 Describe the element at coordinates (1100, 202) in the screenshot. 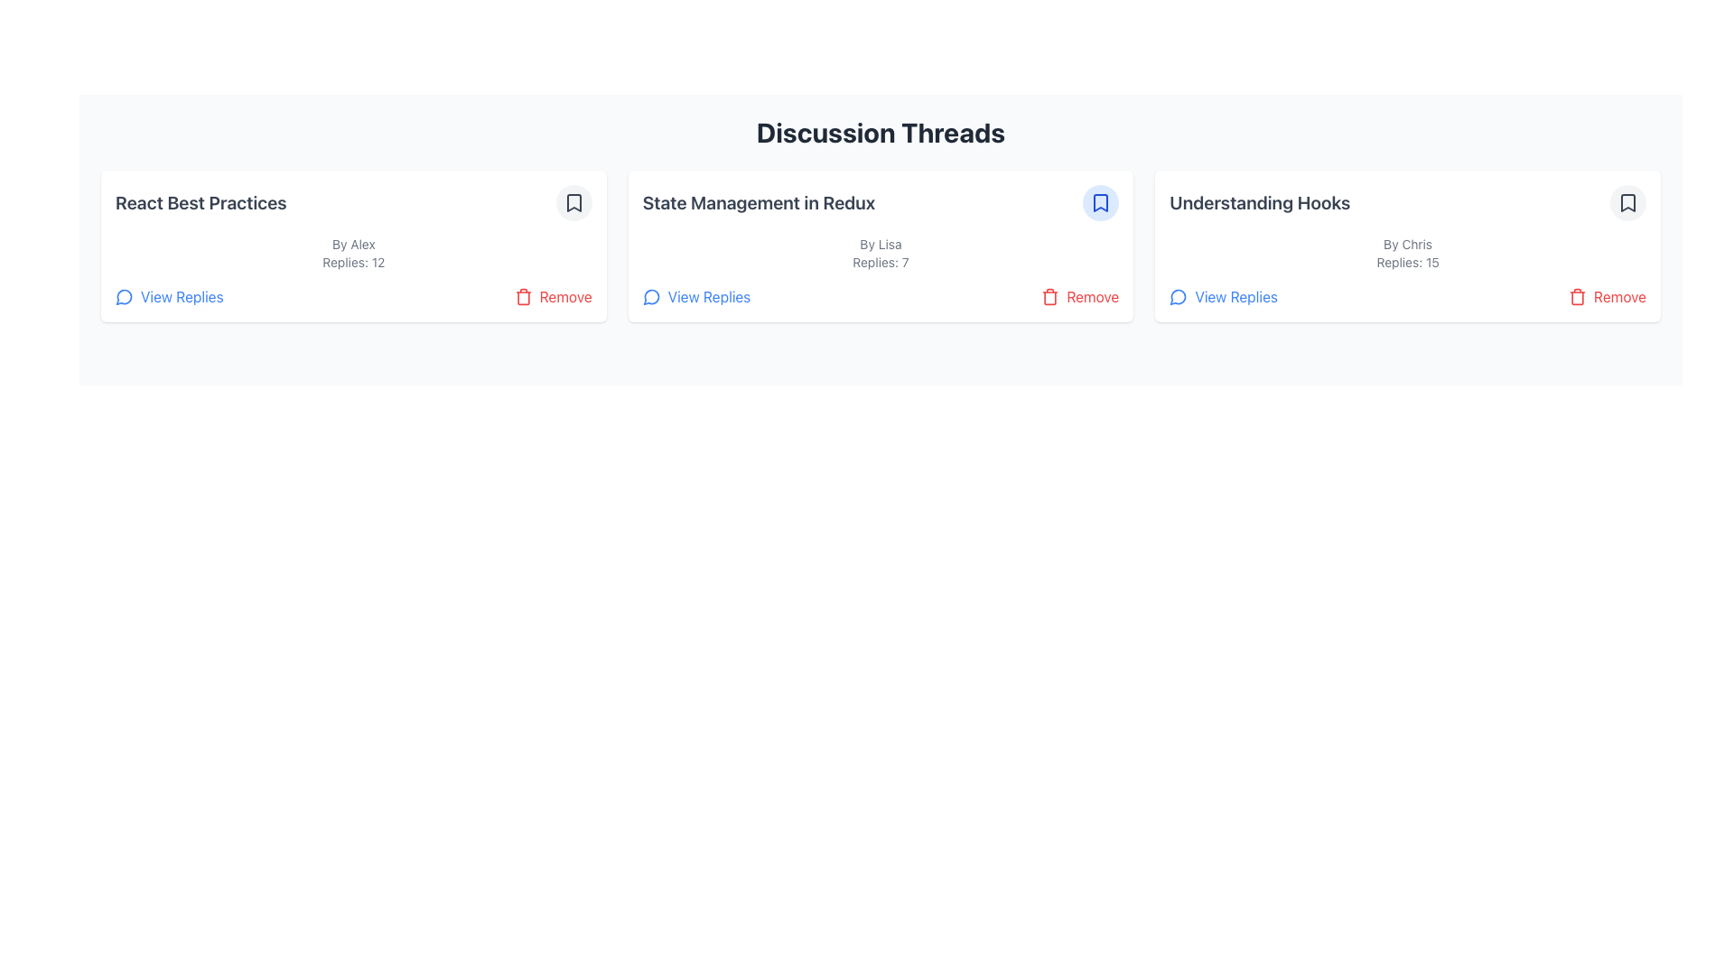

I see `the small bookmark icon, which is a vector graphic with a triangular top and rectangular body, located in the top-right corner of the 'State Management in Redux' card in the 'Discussion Threads' section` at that location.